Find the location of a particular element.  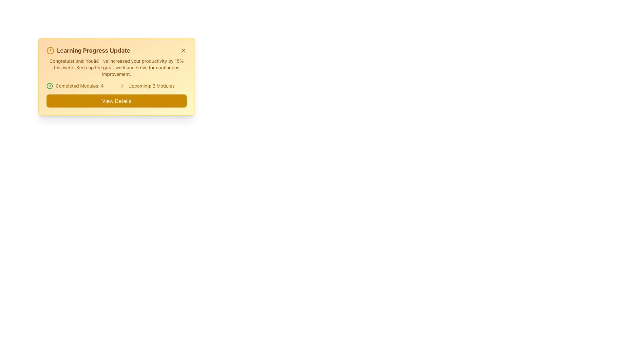

the yellow 'X' button located at the top-right corner of the notification card header is located at coordinates (183, 50).